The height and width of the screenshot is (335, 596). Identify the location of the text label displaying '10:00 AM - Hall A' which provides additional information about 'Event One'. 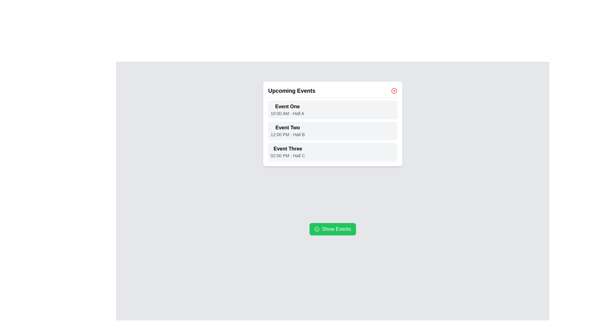
(287, 114).